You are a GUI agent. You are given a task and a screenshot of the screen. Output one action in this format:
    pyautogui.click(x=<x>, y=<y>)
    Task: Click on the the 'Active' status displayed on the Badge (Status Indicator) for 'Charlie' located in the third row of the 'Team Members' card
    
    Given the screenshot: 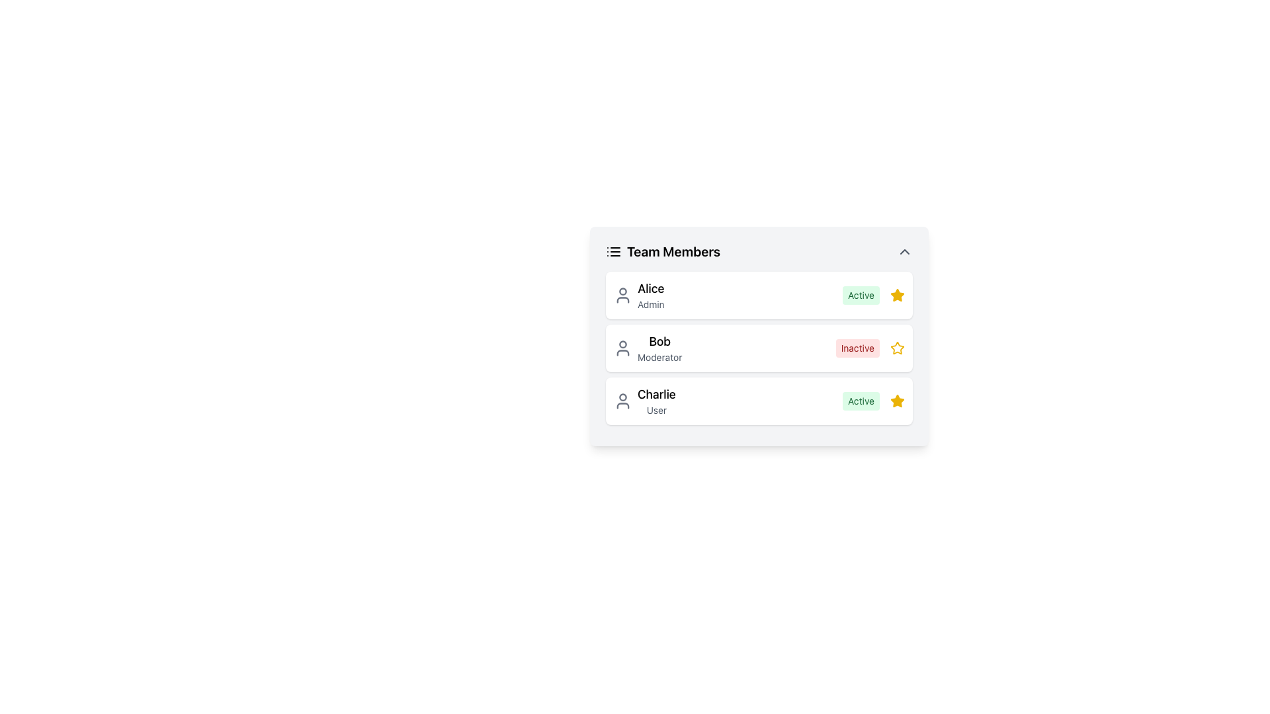 What is the action you would take?
    pyautogui.click(x=861, y=400)
    